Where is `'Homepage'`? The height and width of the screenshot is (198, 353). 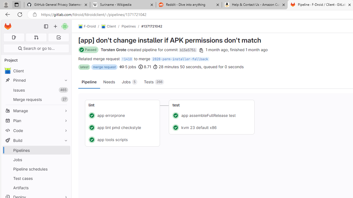 'Homepage' is located at coordinates (8, 26).